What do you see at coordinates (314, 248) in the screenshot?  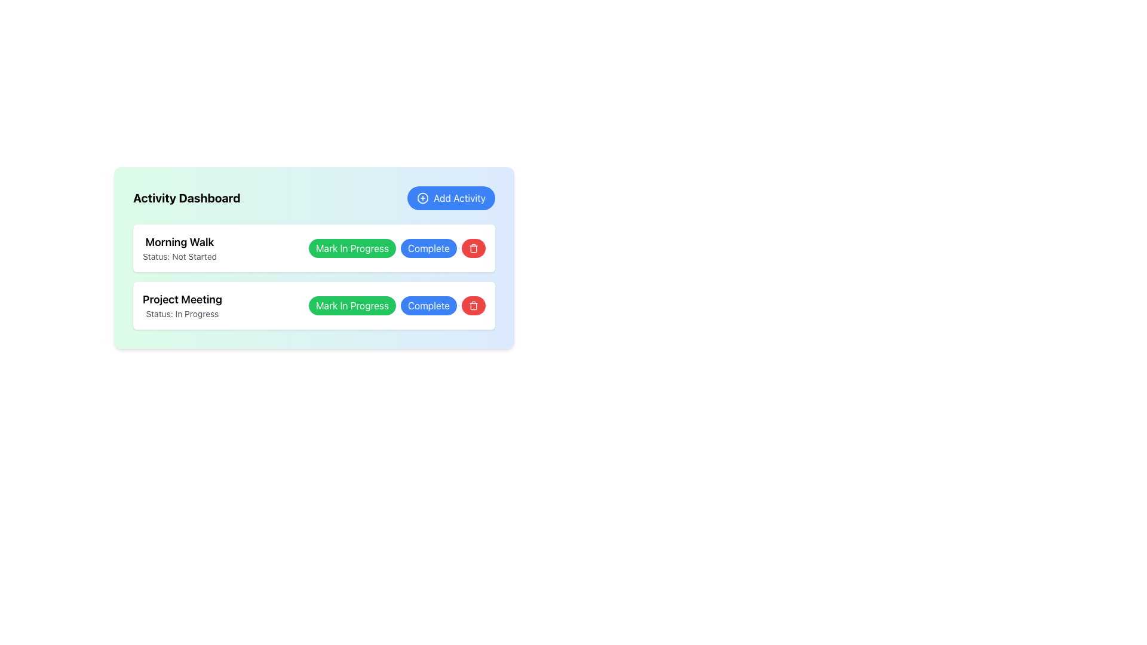 I see `the buttons on the first task card in the vertical list` at bounding box center [314, 248].